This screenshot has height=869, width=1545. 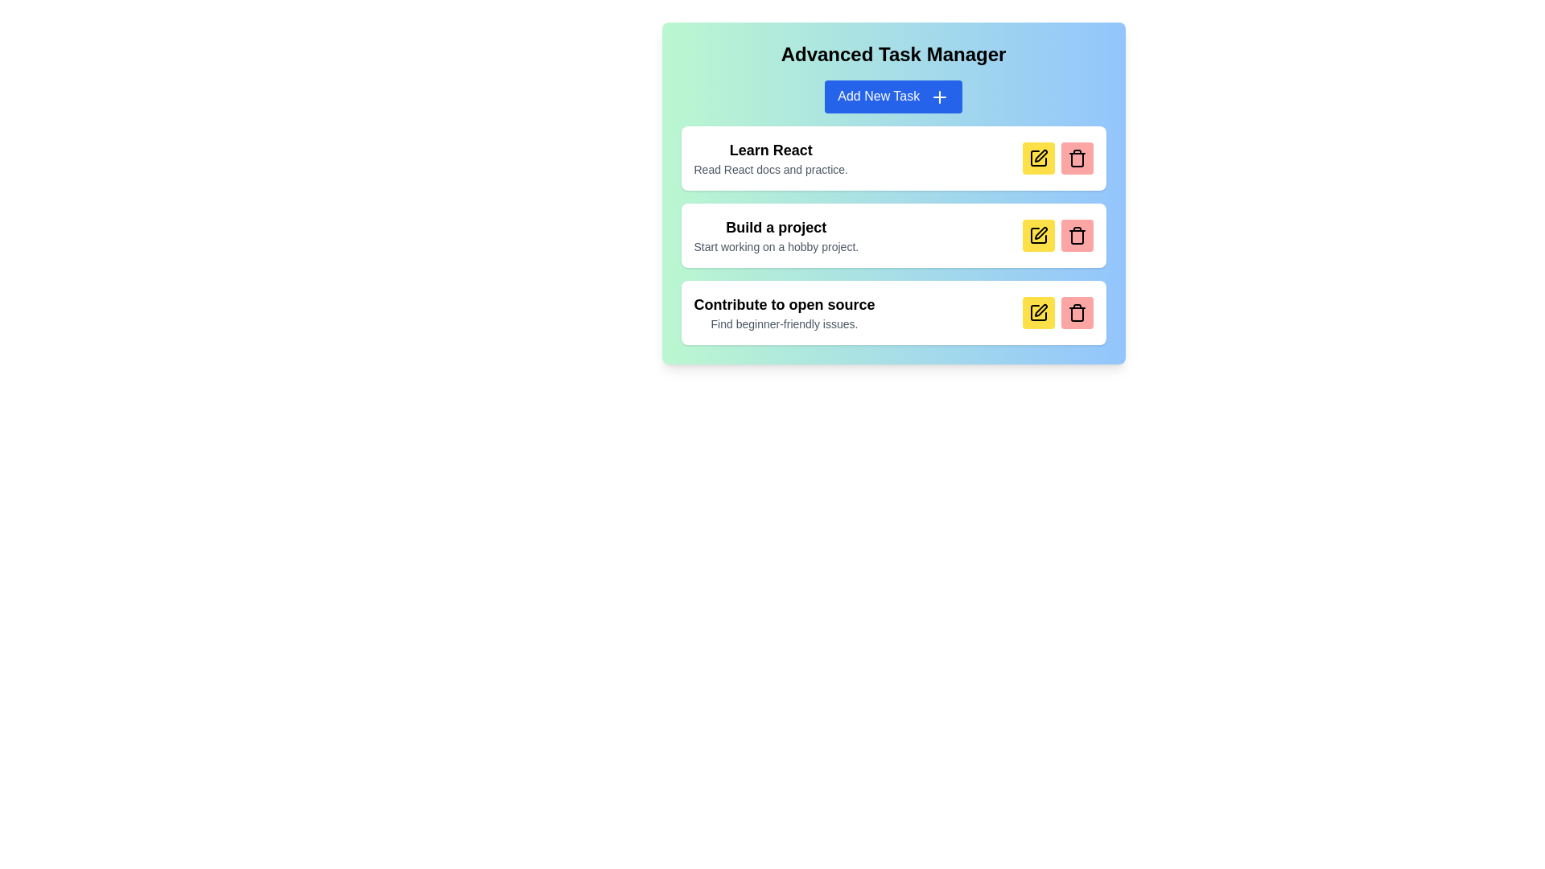 What do you see at coordinates (1038, 158) in the screenshot?
I see `edit button for the task titled Learn React` at bounding box center [1038, 158].